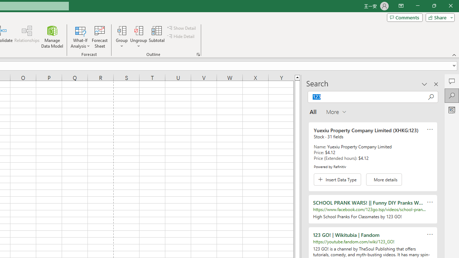  I want to click on 'Minimize', so click(417, 6).